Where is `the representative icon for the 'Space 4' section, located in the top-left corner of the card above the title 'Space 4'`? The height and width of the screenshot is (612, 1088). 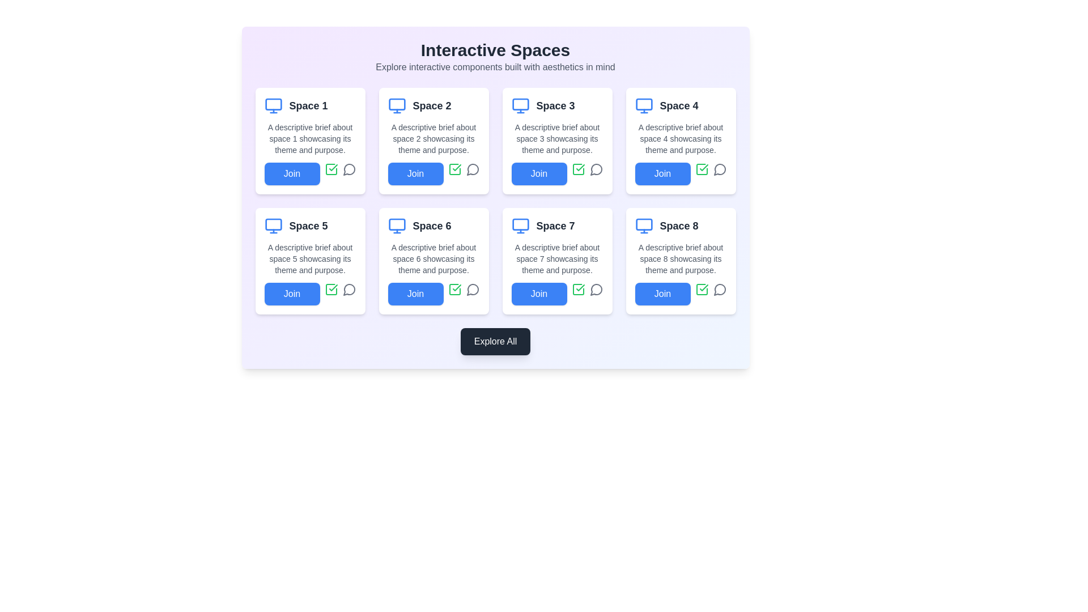 the representative icon for the 'Space 4' section, located in the top-left corner of the card above the title 'Space 4' is located at coordinates (644, 105).